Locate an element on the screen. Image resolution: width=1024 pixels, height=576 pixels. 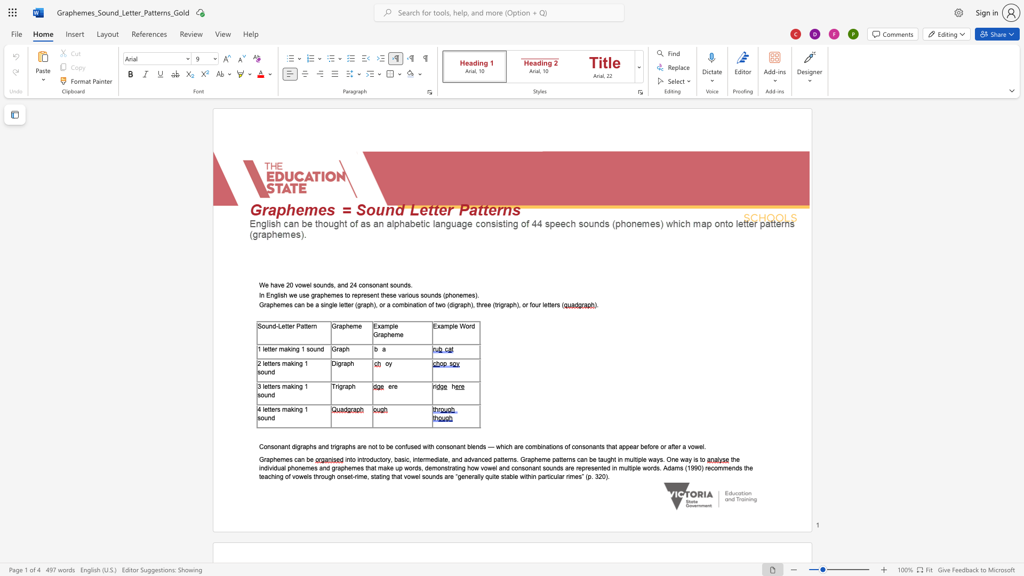
the 3th character "o" in the text is located at coordinates (421, 305).